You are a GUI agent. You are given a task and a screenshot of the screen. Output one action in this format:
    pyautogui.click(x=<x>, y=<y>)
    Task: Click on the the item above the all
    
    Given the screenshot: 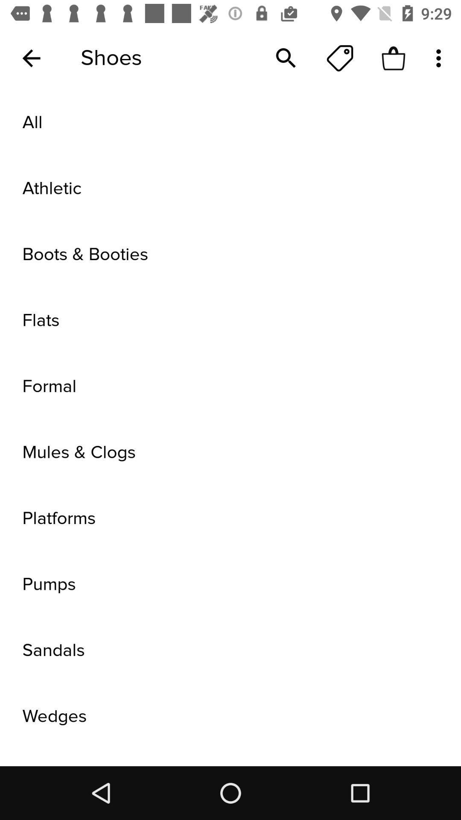 What is the action you would take?
    pyautogui.click(x=441, y=58)
    